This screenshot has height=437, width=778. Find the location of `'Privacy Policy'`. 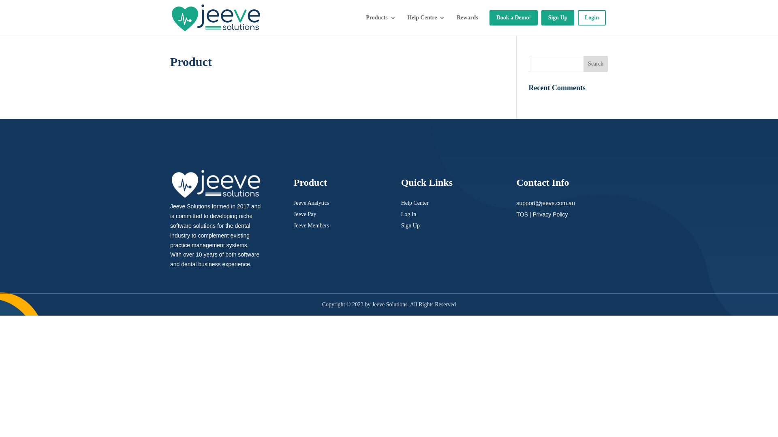

'Privacy Policy' is located at coordinates (550, 214).